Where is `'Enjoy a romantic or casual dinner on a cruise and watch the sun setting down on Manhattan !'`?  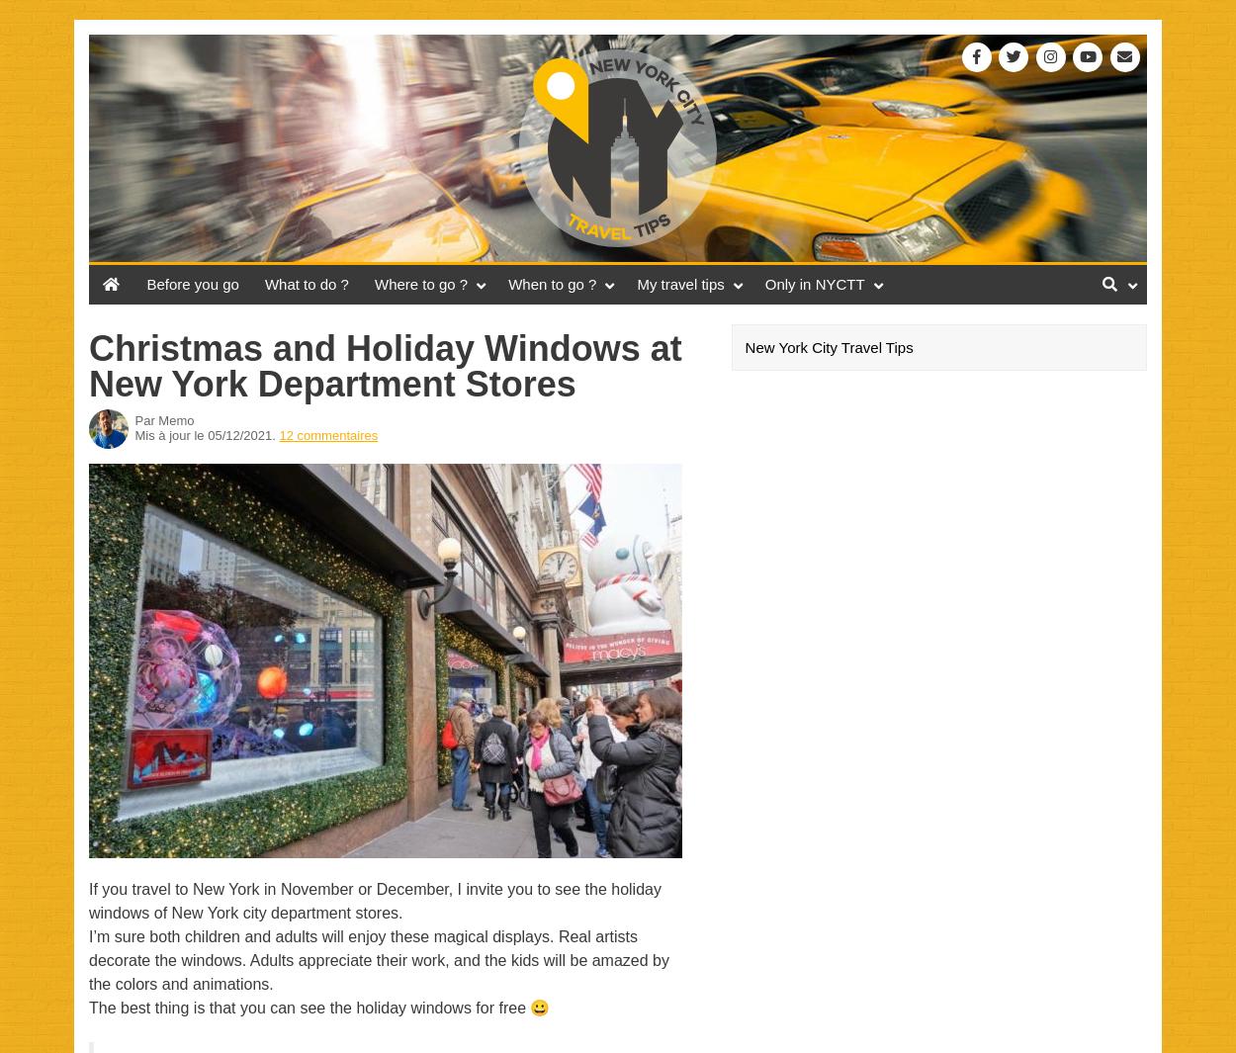
'Enjoy a romantic or casual dinner on a cruise and watch the sun setting down on Manhattan !' is located at coordinates (972, 588).